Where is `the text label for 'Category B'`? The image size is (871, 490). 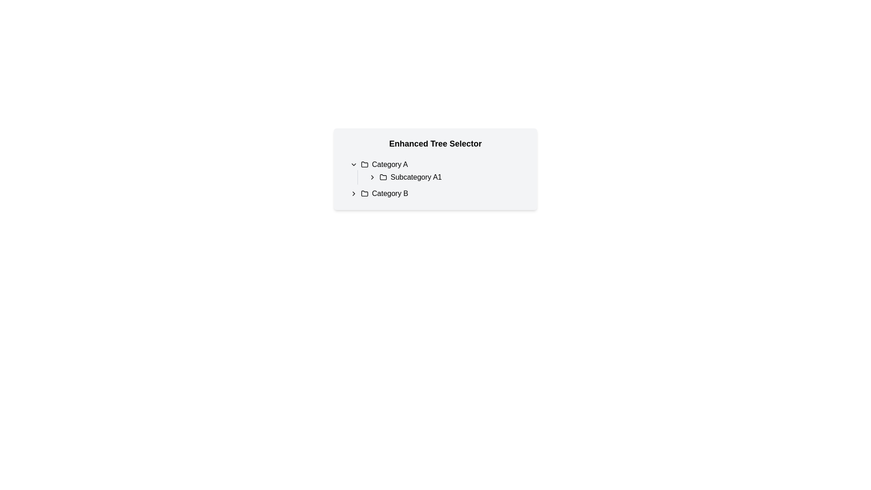
the text label for 'Category B' is located at coordinates (390, 193).